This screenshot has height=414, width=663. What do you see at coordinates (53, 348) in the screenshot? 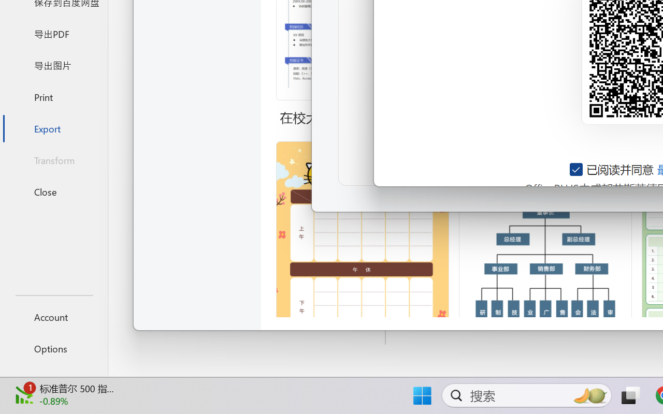
I see `'Options'` at bounding box center [53, 348].